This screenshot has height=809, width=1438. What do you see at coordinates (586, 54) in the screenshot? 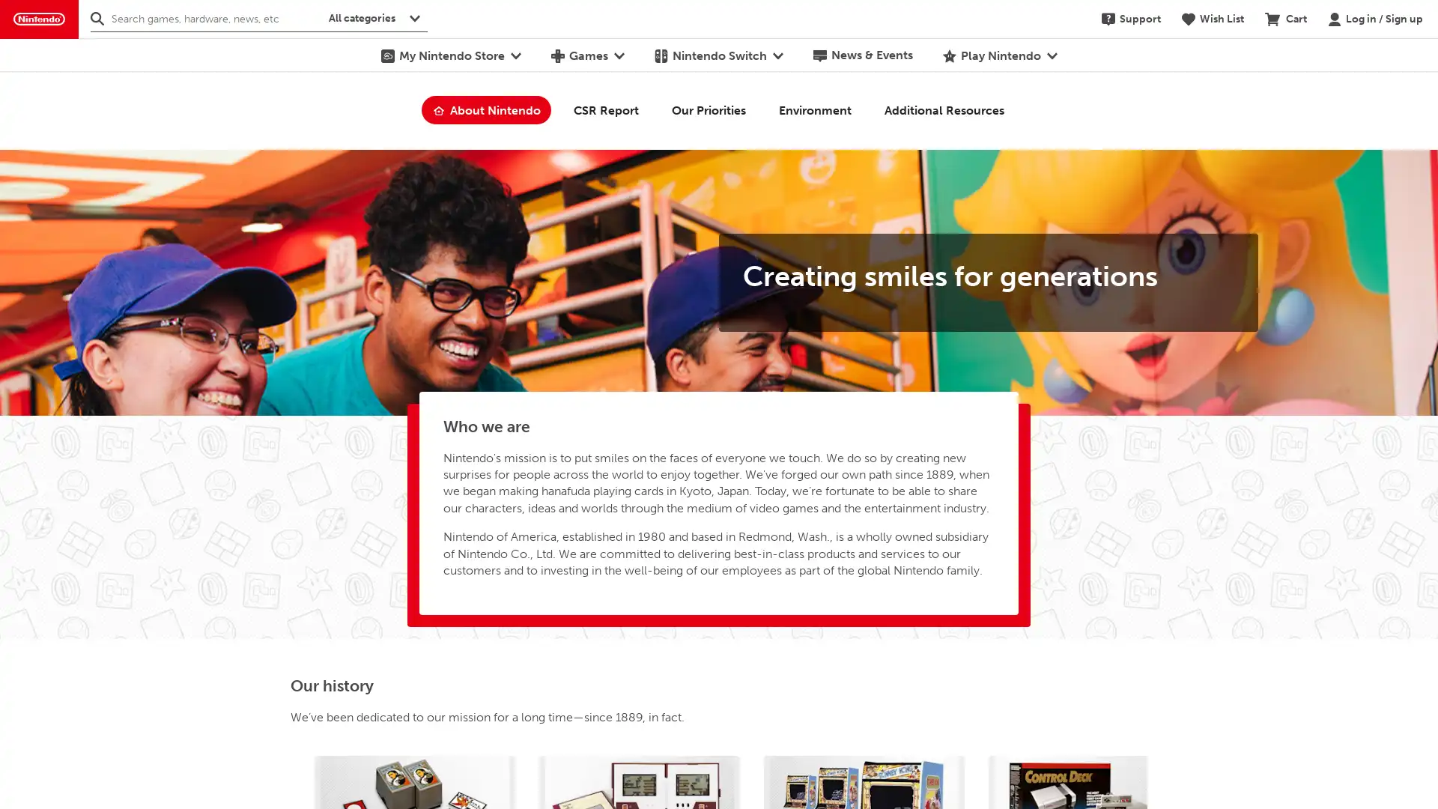
I see `Games` at bounding box center [586, 54].